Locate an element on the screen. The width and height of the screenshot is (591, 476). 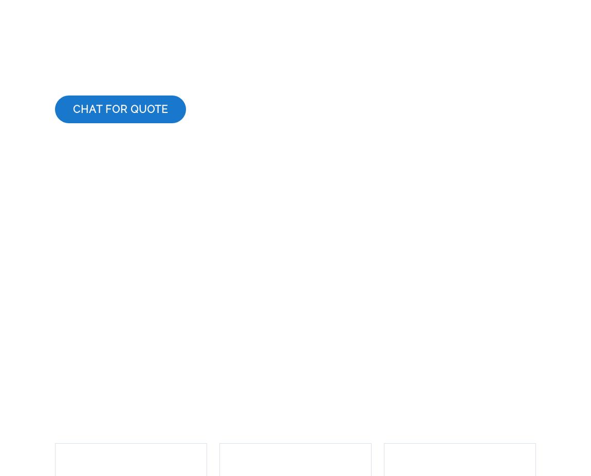
'Support' is located at coordinates (152, 355).